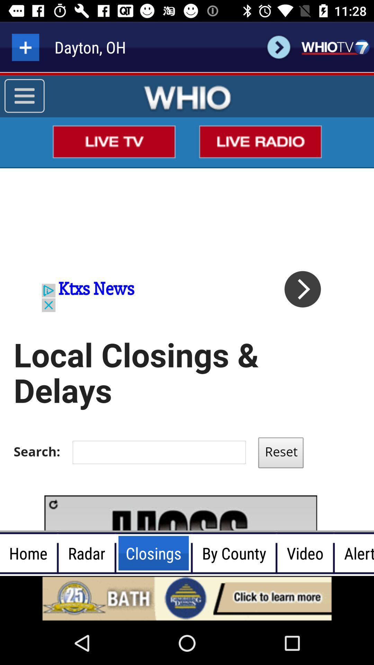 The image size is (374, 665). What do you see at coordinates (278, 47) in the screenshot?
I see `back` at bounding box center [278, 47].